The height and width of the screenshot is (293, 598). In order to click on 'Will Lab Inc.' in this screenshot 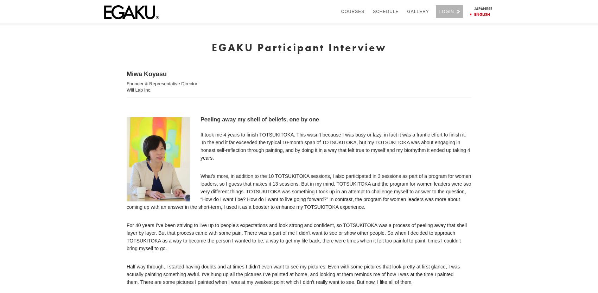, I will do `click(139, 89)`.